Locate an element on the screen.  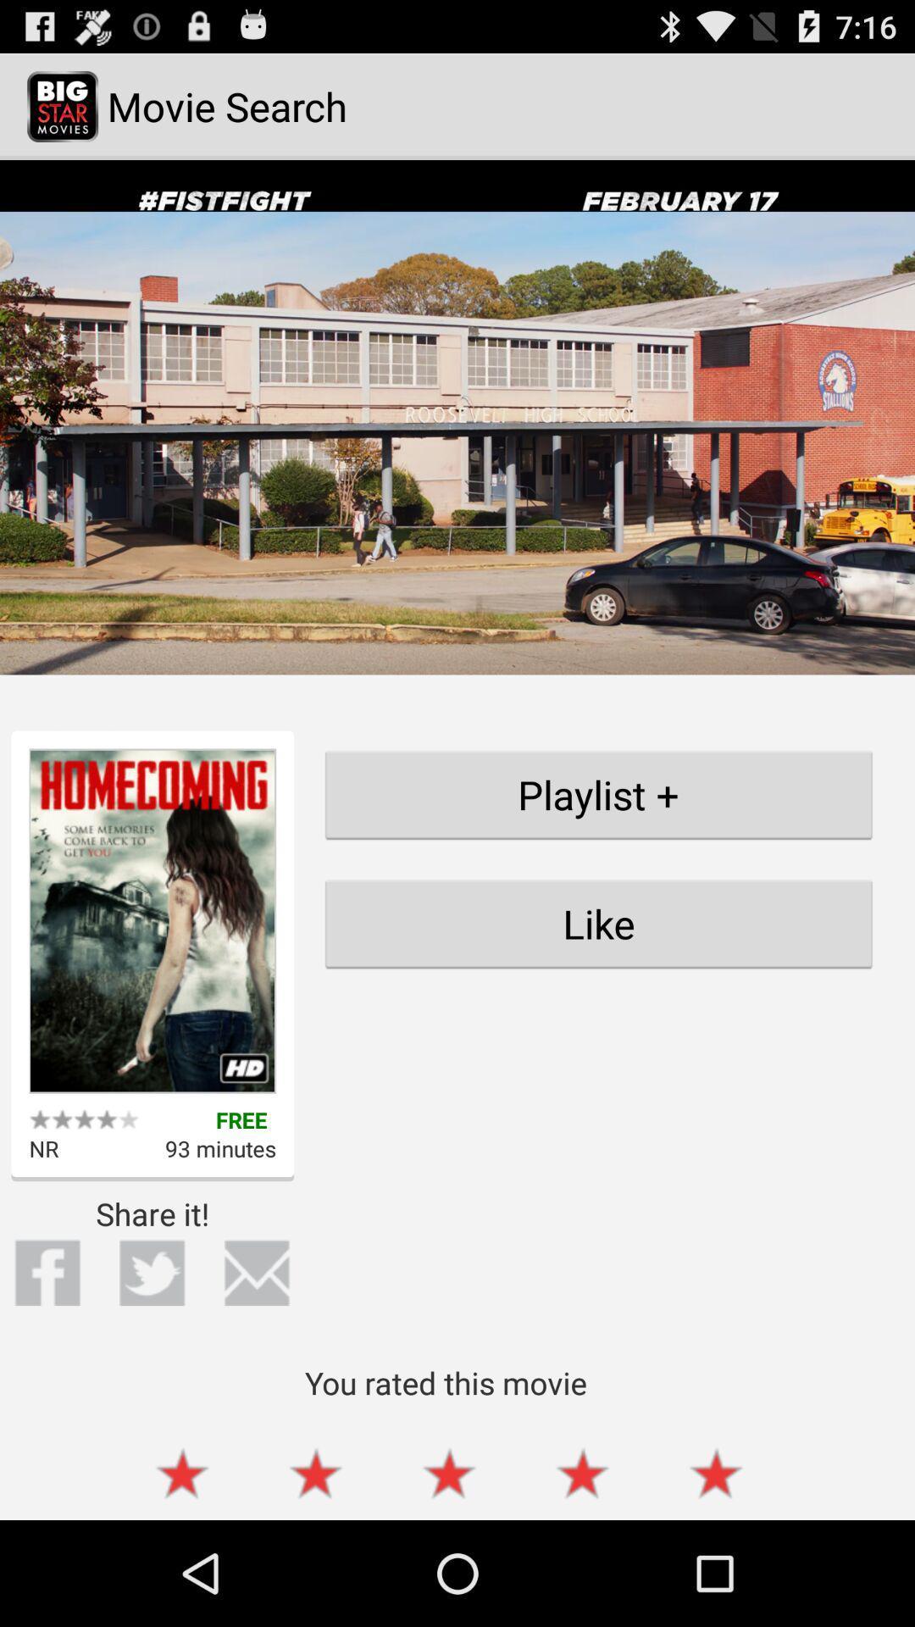
the star icon is located at coordinates (313, 1577).